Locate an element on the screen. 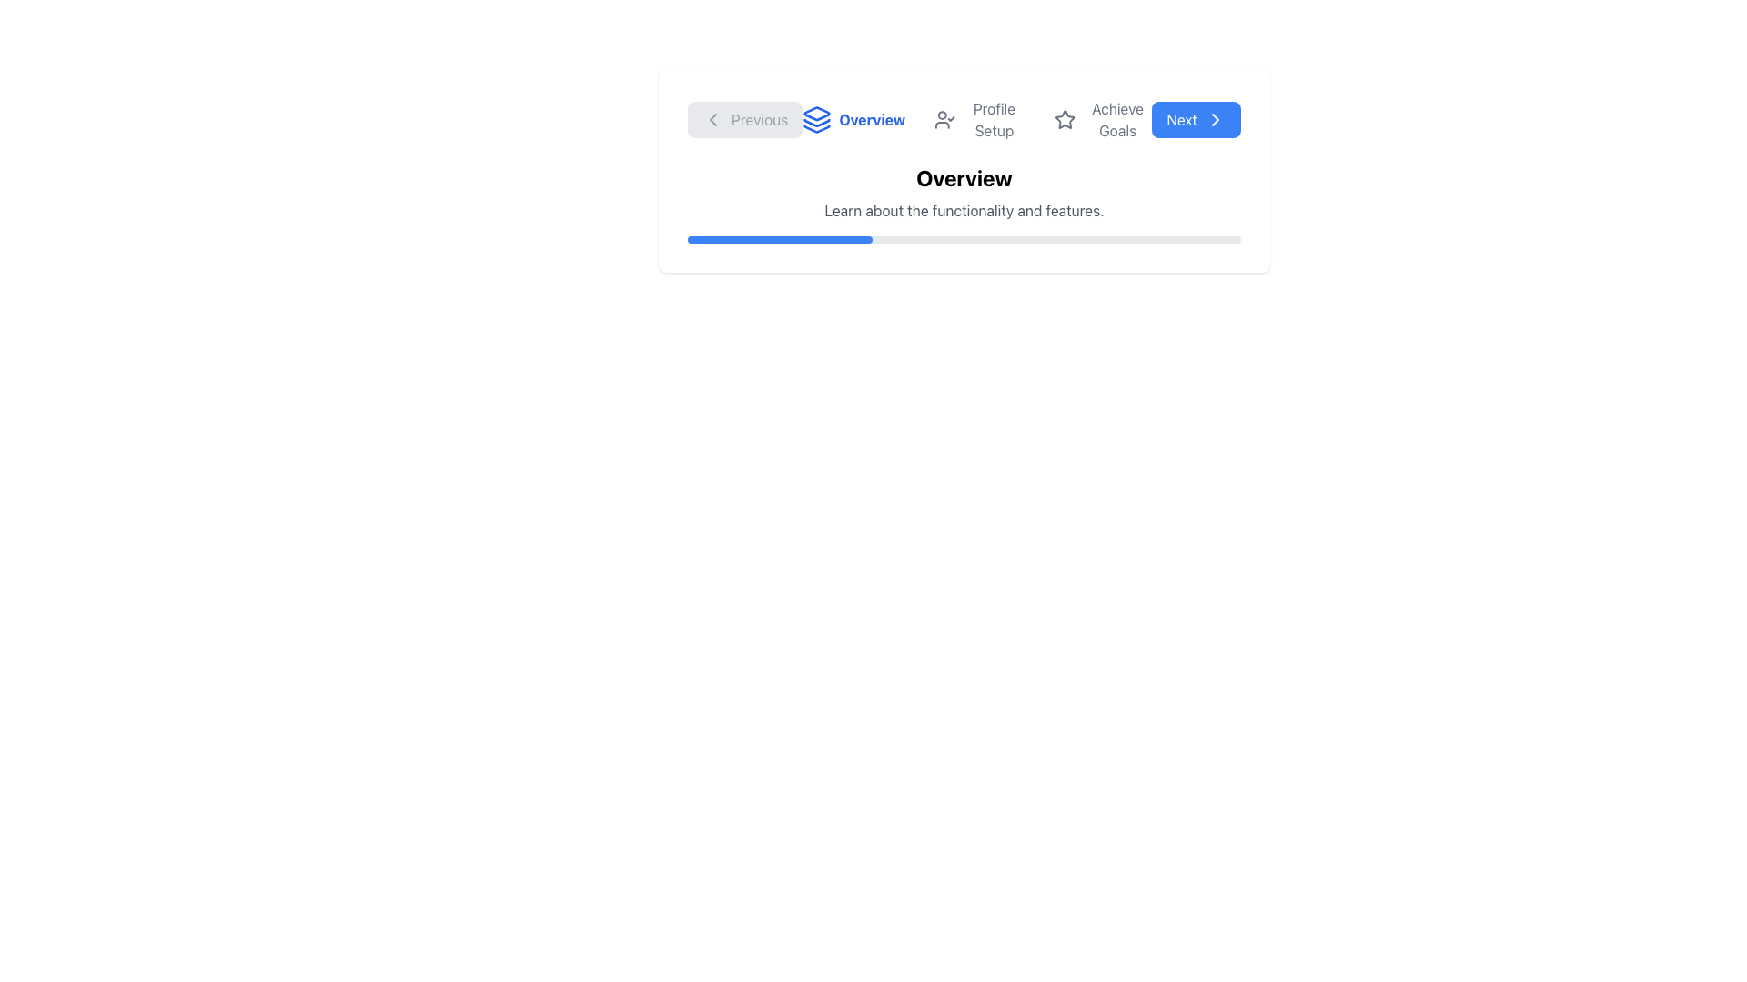 This screenshot has width=1747, height=982. the user profile icon with a checkmark, which is styled in gray and located next to the 'Profile Setup' label in the navigation bar is located at coordinates (944, 119).